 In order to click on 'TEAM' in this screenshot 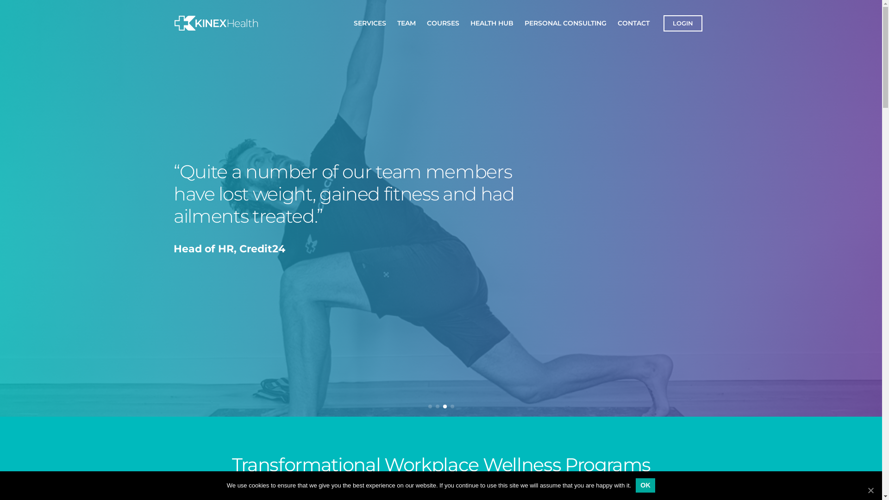, I will do `click(407, 22)`.